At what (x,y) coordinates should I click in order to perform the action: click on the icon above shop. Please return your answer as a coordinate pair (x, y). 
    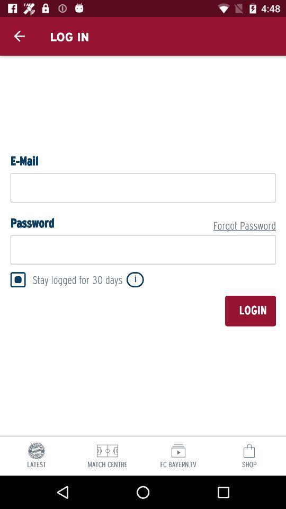
    Looking at the image, I should click on (249, 450).